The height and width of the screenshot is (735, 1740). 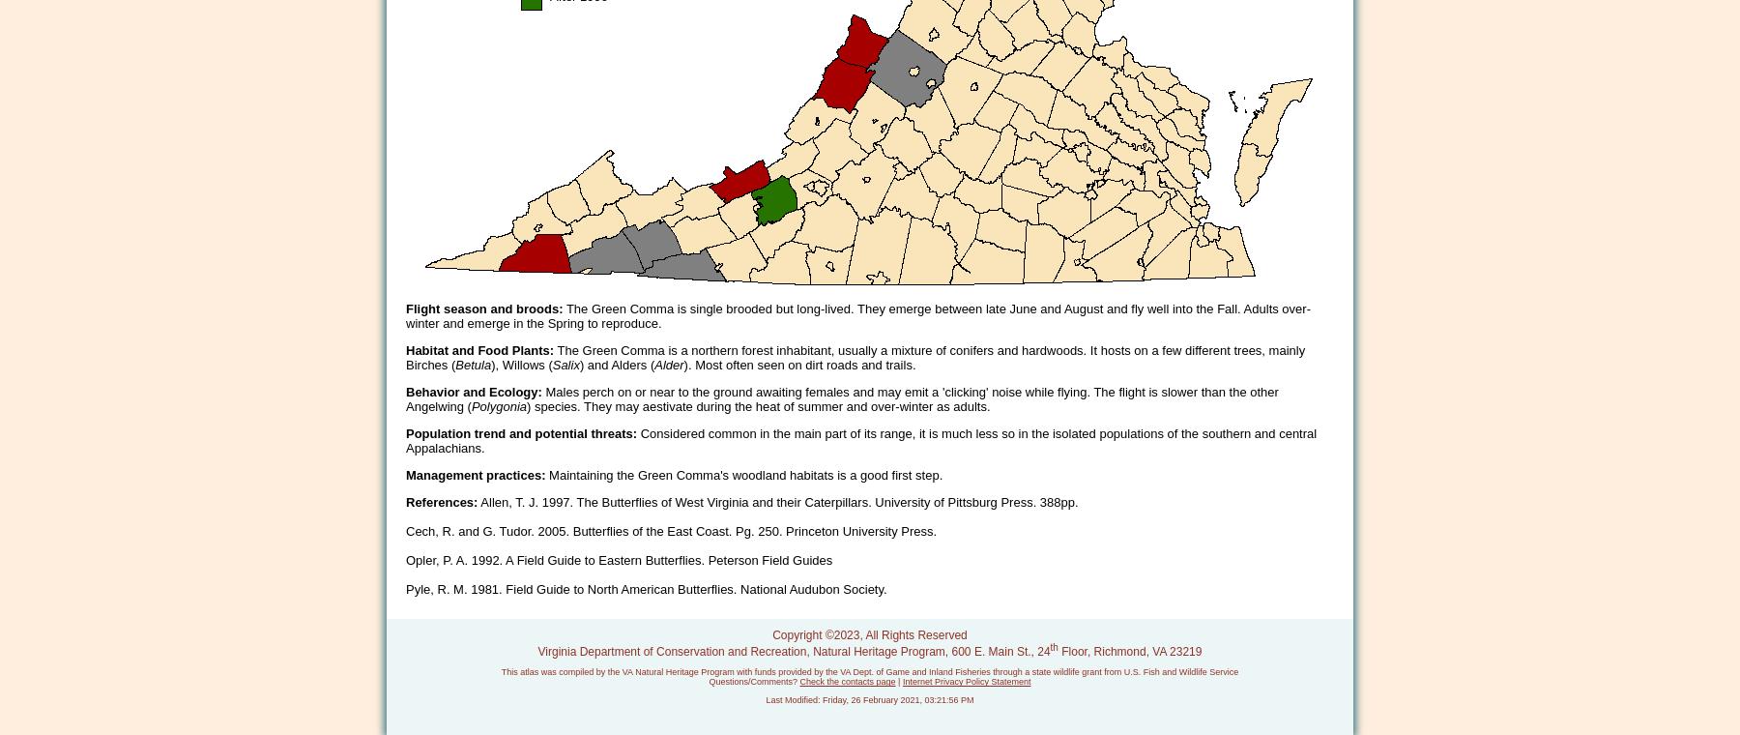 I want to click on 'Flight season and broods:', so click(x=482, y=309).